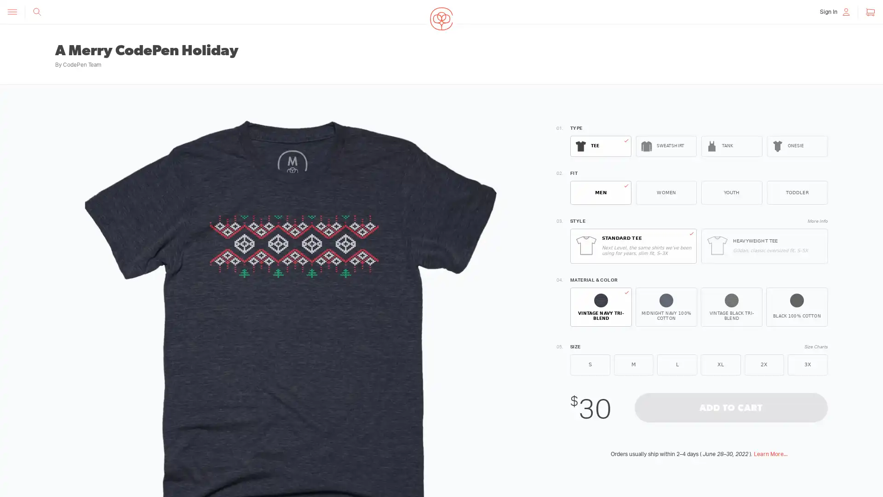 The height and width of the screenshot is (497, 883). Describe the element at coordinates (730, 406) in the screenshot. I see `ADD TO CART` at that location.